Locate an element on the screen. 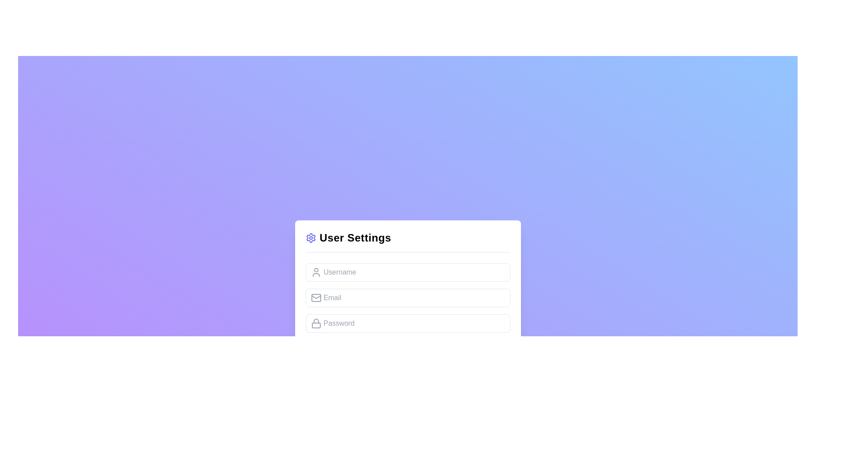 The width and height of the screenshot is (847, 476). the email input icon, which is a visual indicator to the left of the 'Email' input field in the form is located at coordinates (316, 297).